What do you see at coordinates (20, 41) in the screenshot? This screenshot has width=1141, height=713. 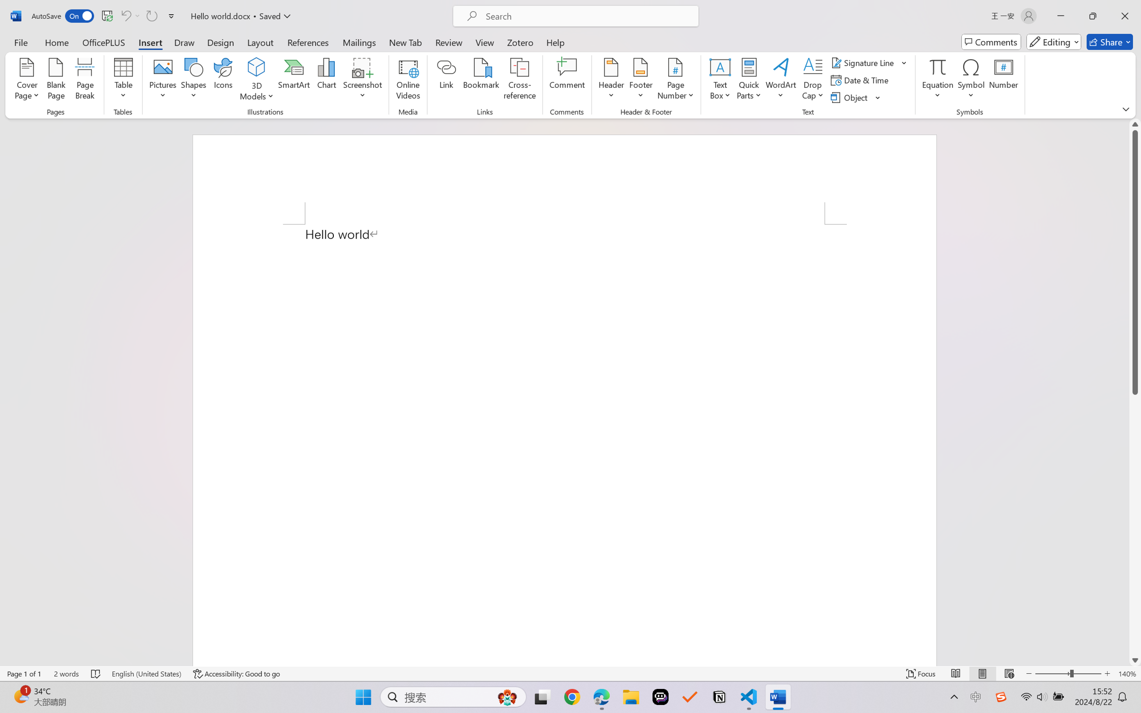 I see `'File Tab'` at bounding box center [20, 41].